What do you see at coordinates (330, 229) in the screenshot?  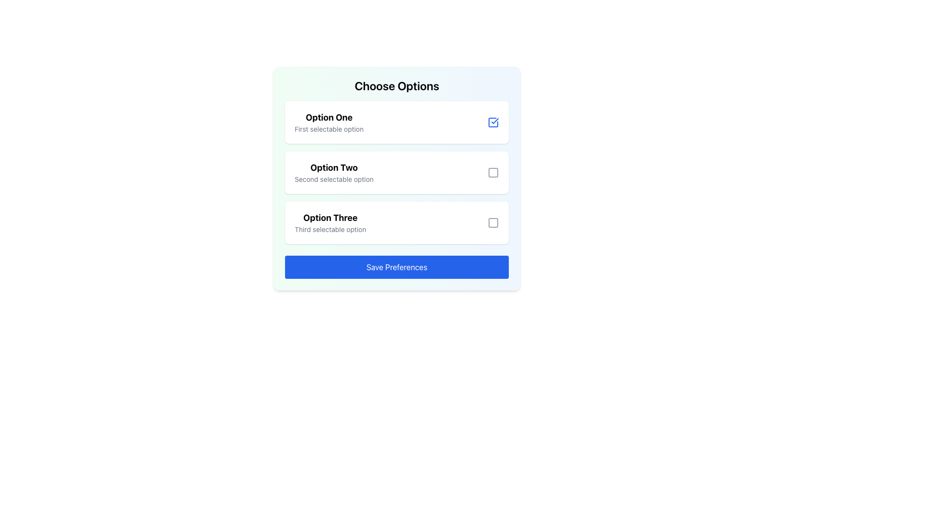 I see `the descriptive label for 'Option Three', which is the bottom-most description in the 'Choose Options' section` at bounding box center [330, 229].